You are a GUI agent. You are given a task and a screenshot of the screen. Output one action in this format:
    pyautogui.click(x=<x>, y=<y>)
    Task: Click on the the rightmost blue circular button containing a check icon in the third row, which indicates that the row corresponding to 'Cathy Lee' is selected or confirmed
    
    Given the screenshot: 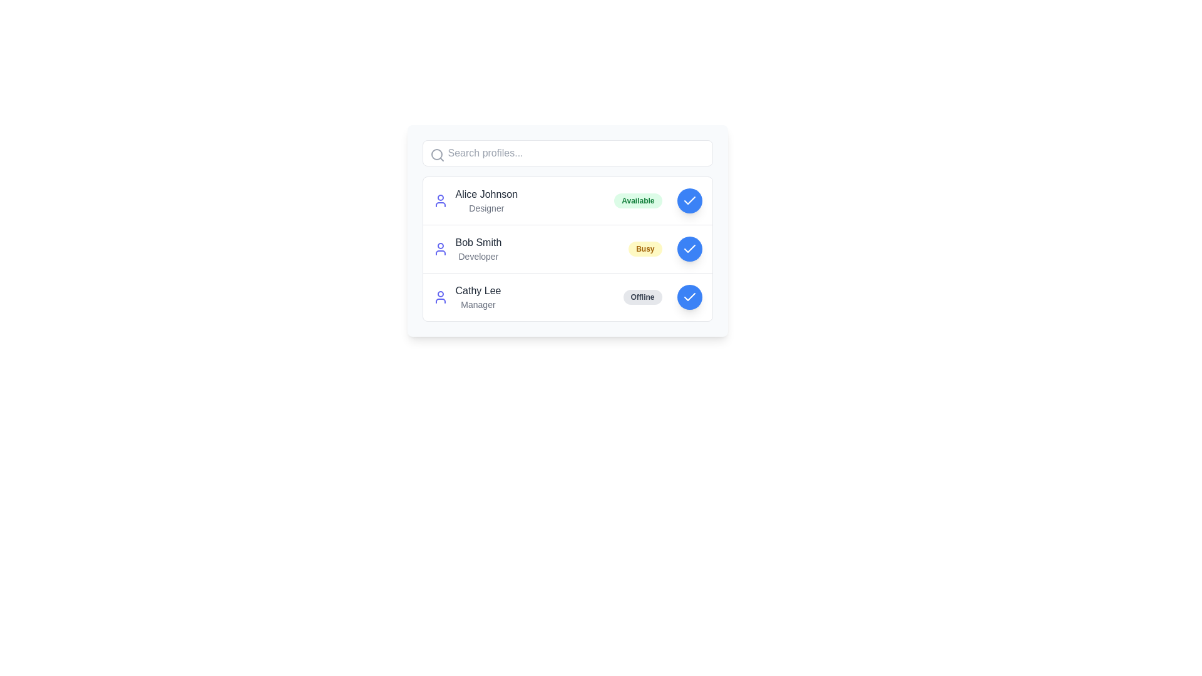 What is the action you would take?
    pyautogui.click(x=689, y=297)
    